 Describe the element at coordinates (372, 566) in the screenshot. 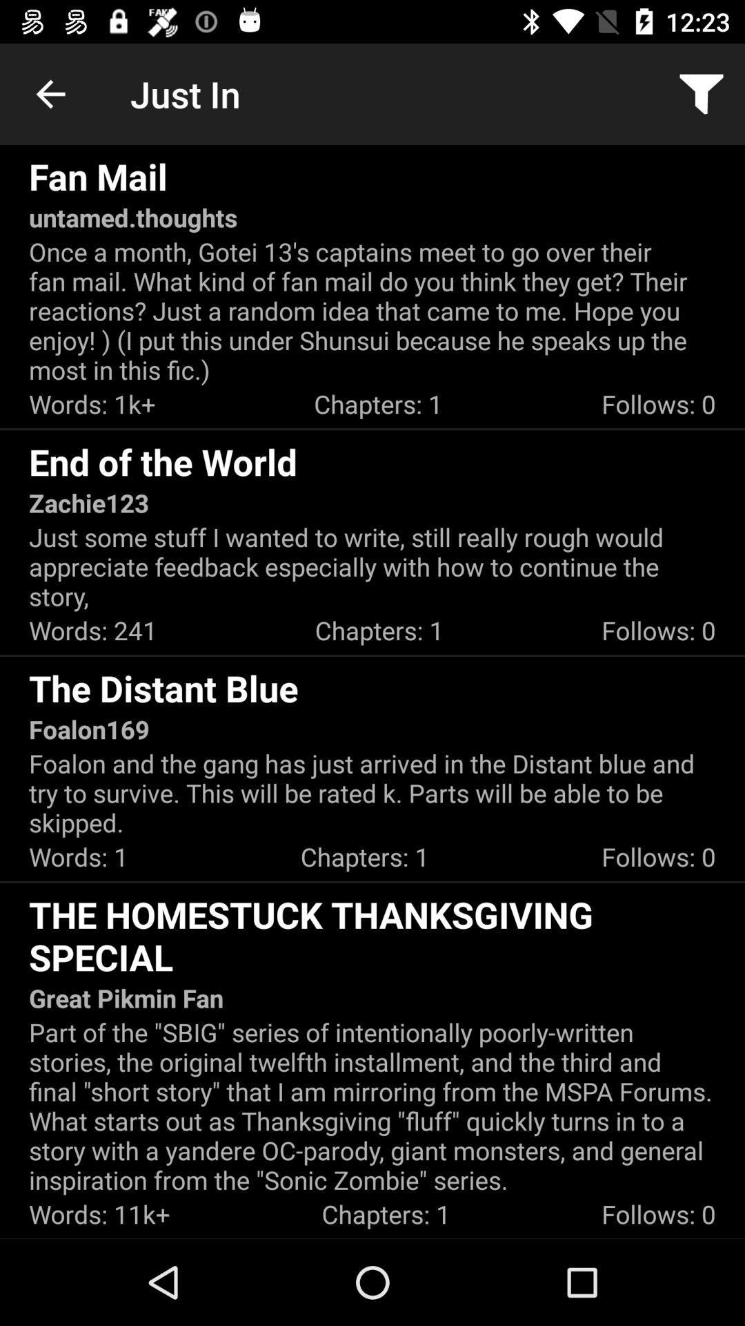

I see `icon below zachie123` at that location.